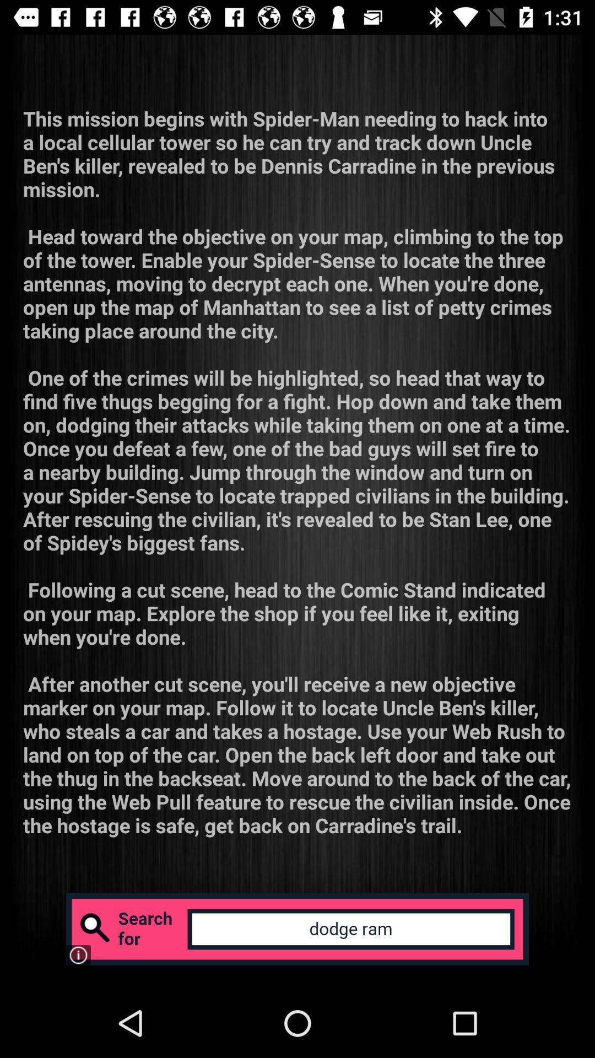 This screenshot has width=595, height=1058. I want to click on advertisement, so click(297, 929).